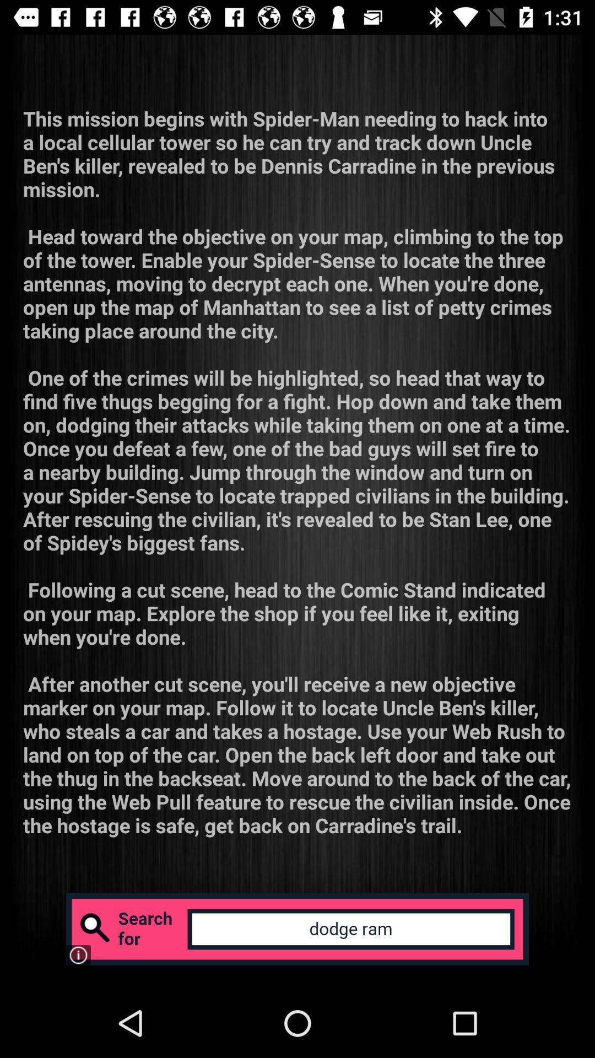 This screenshot has width=595, height=1058. I want to click on advertisement, so click(297, 929).